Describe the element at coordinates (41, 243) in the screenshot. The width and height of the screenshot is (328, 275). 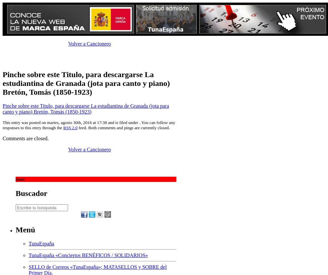
I see `'TunaEspaña'` at that location.